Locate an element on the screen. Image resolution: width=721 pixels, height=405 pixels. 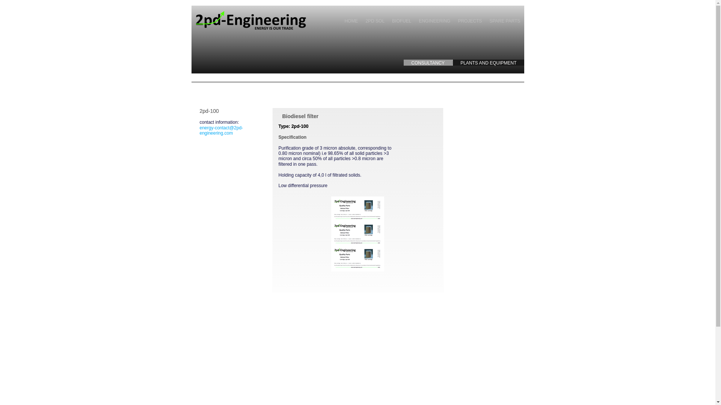
'energy-contact@2pd-engineering.com' is located at coordinates (200, 130).